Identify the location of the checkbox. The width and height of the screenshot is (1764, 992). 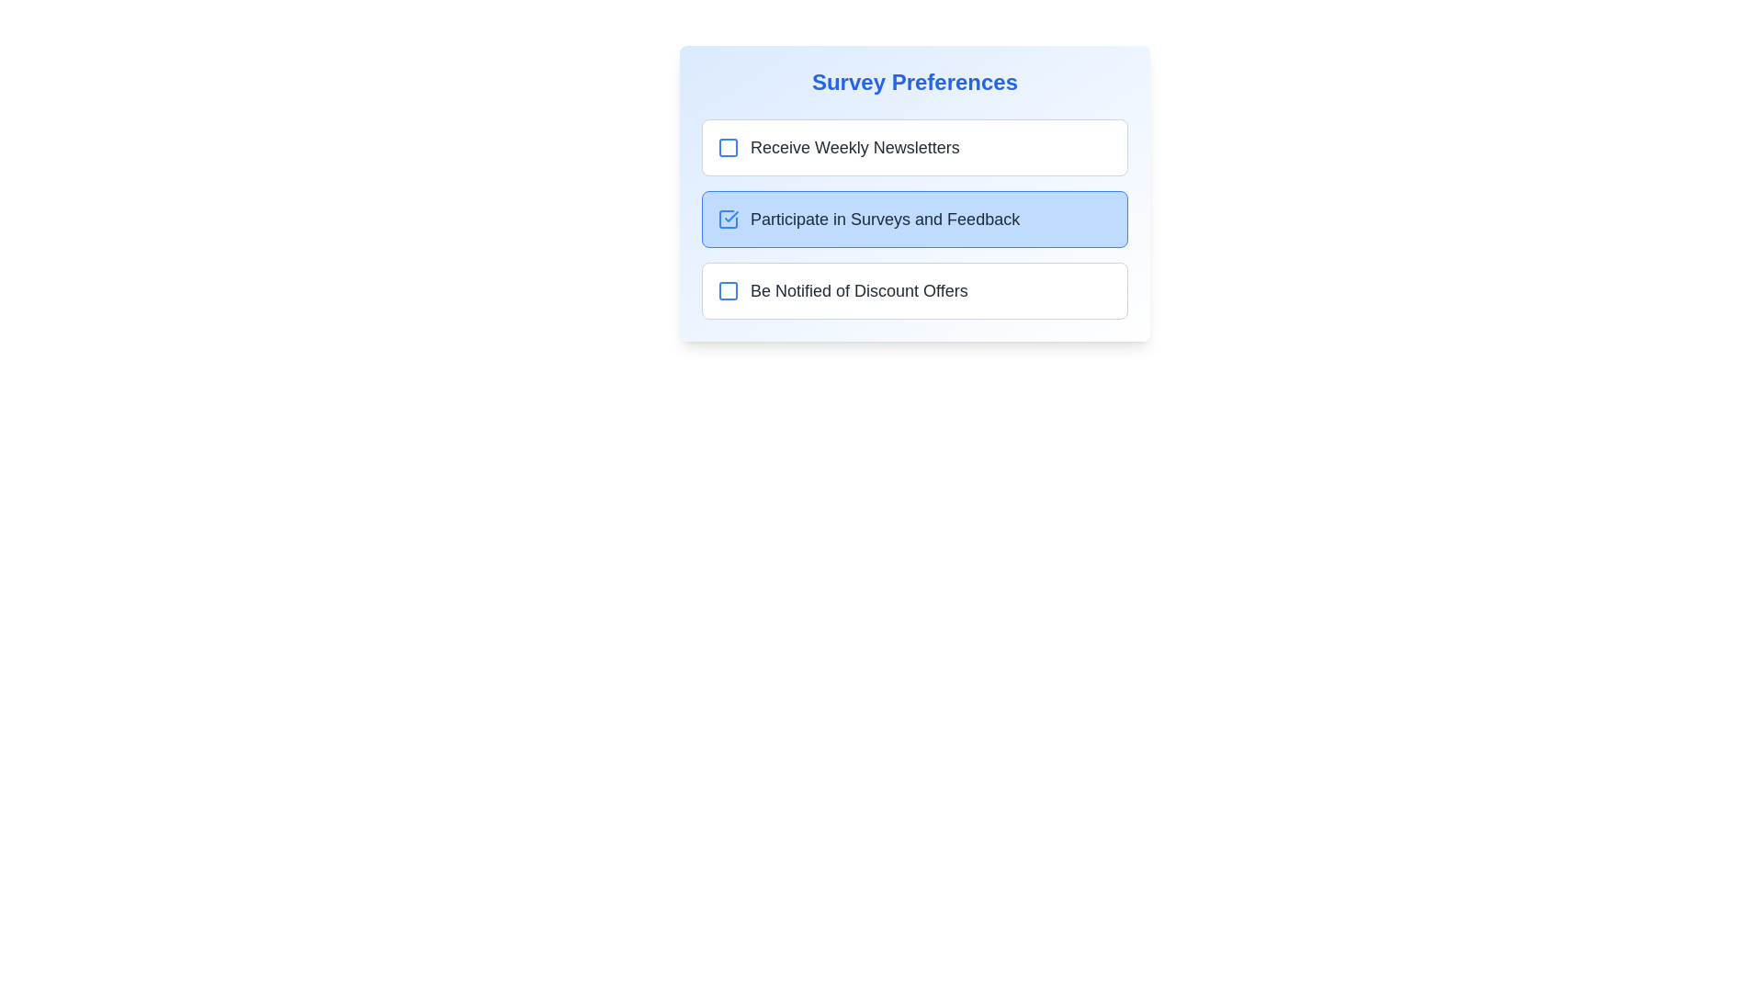
(727, 219).